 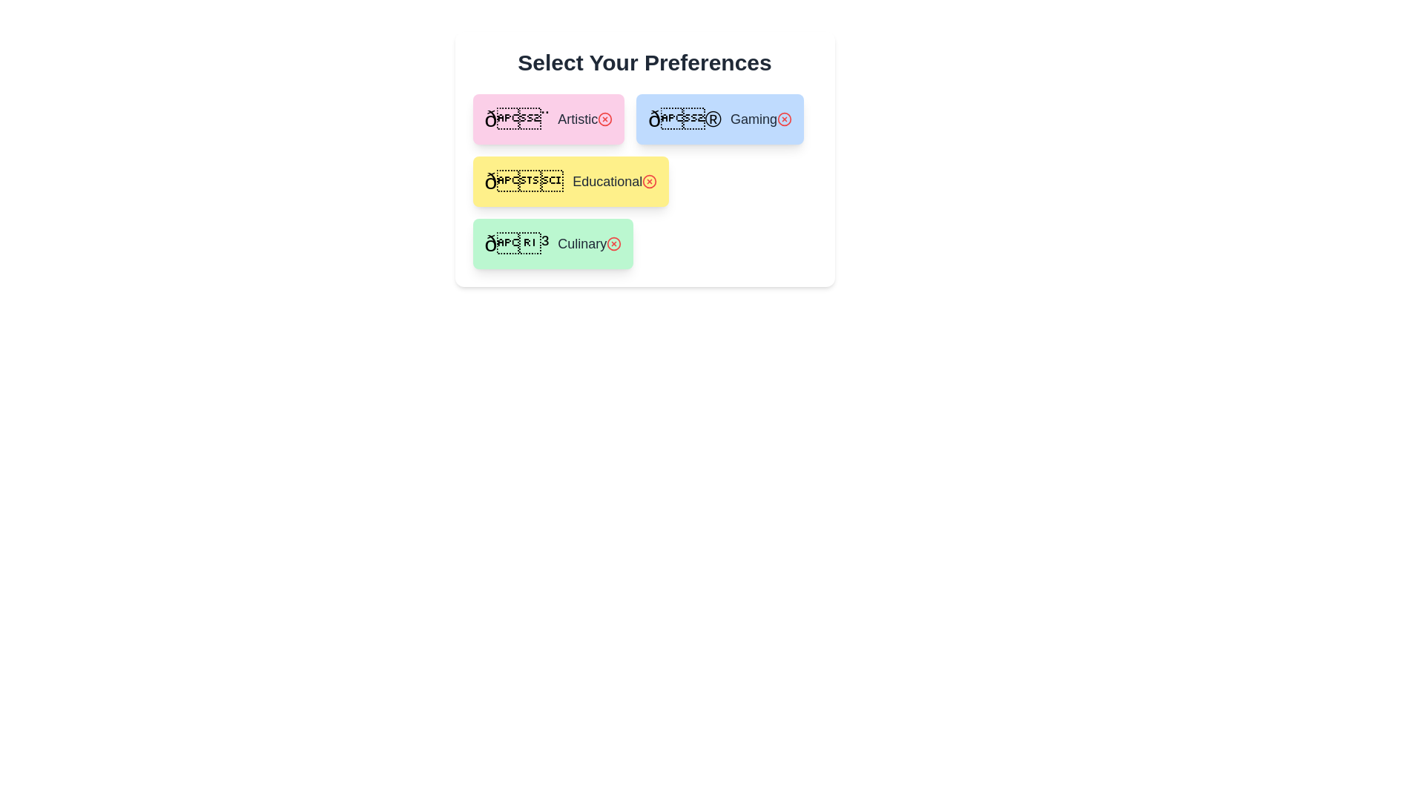 What do you see at coordinates (605, 119) in the screenshot?
I see `remove button for the preference labeled Artistic` at bounding box center [605, 119].